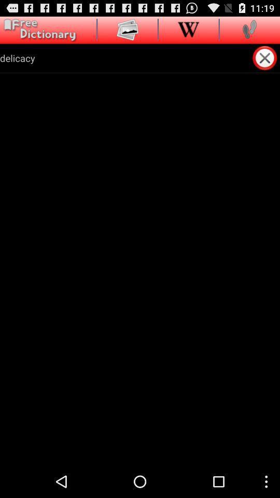 The width and height of the screenshot is (280, 498). I want to click on images, so click(128, 29).